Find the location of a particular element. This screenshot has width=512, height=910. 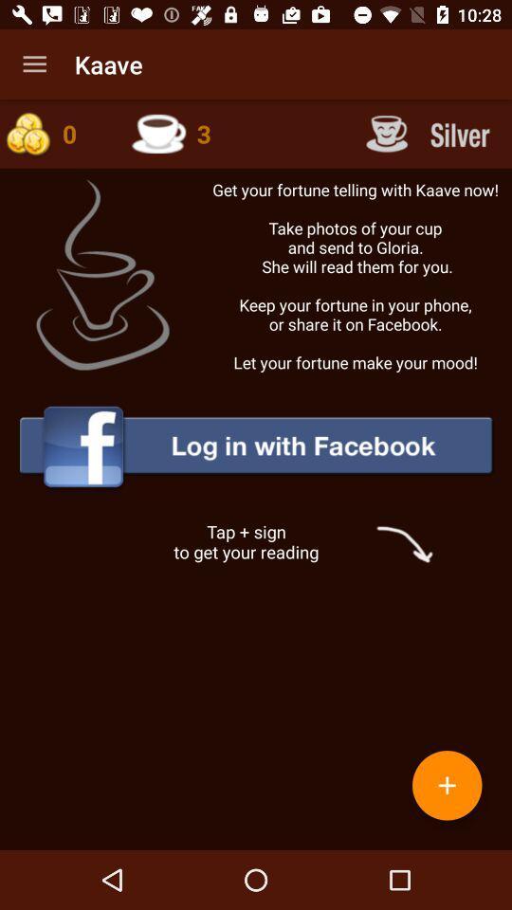

the add icon is located at coordinates (447, 785).